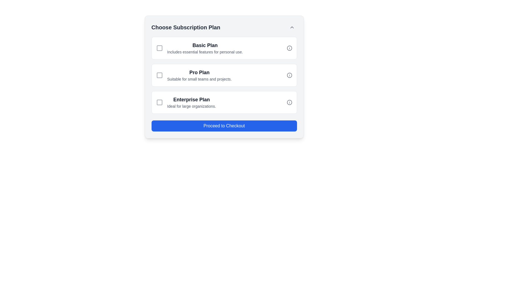 The image size is (531, 299). I want to click on the checkbox, so click(159, 48).